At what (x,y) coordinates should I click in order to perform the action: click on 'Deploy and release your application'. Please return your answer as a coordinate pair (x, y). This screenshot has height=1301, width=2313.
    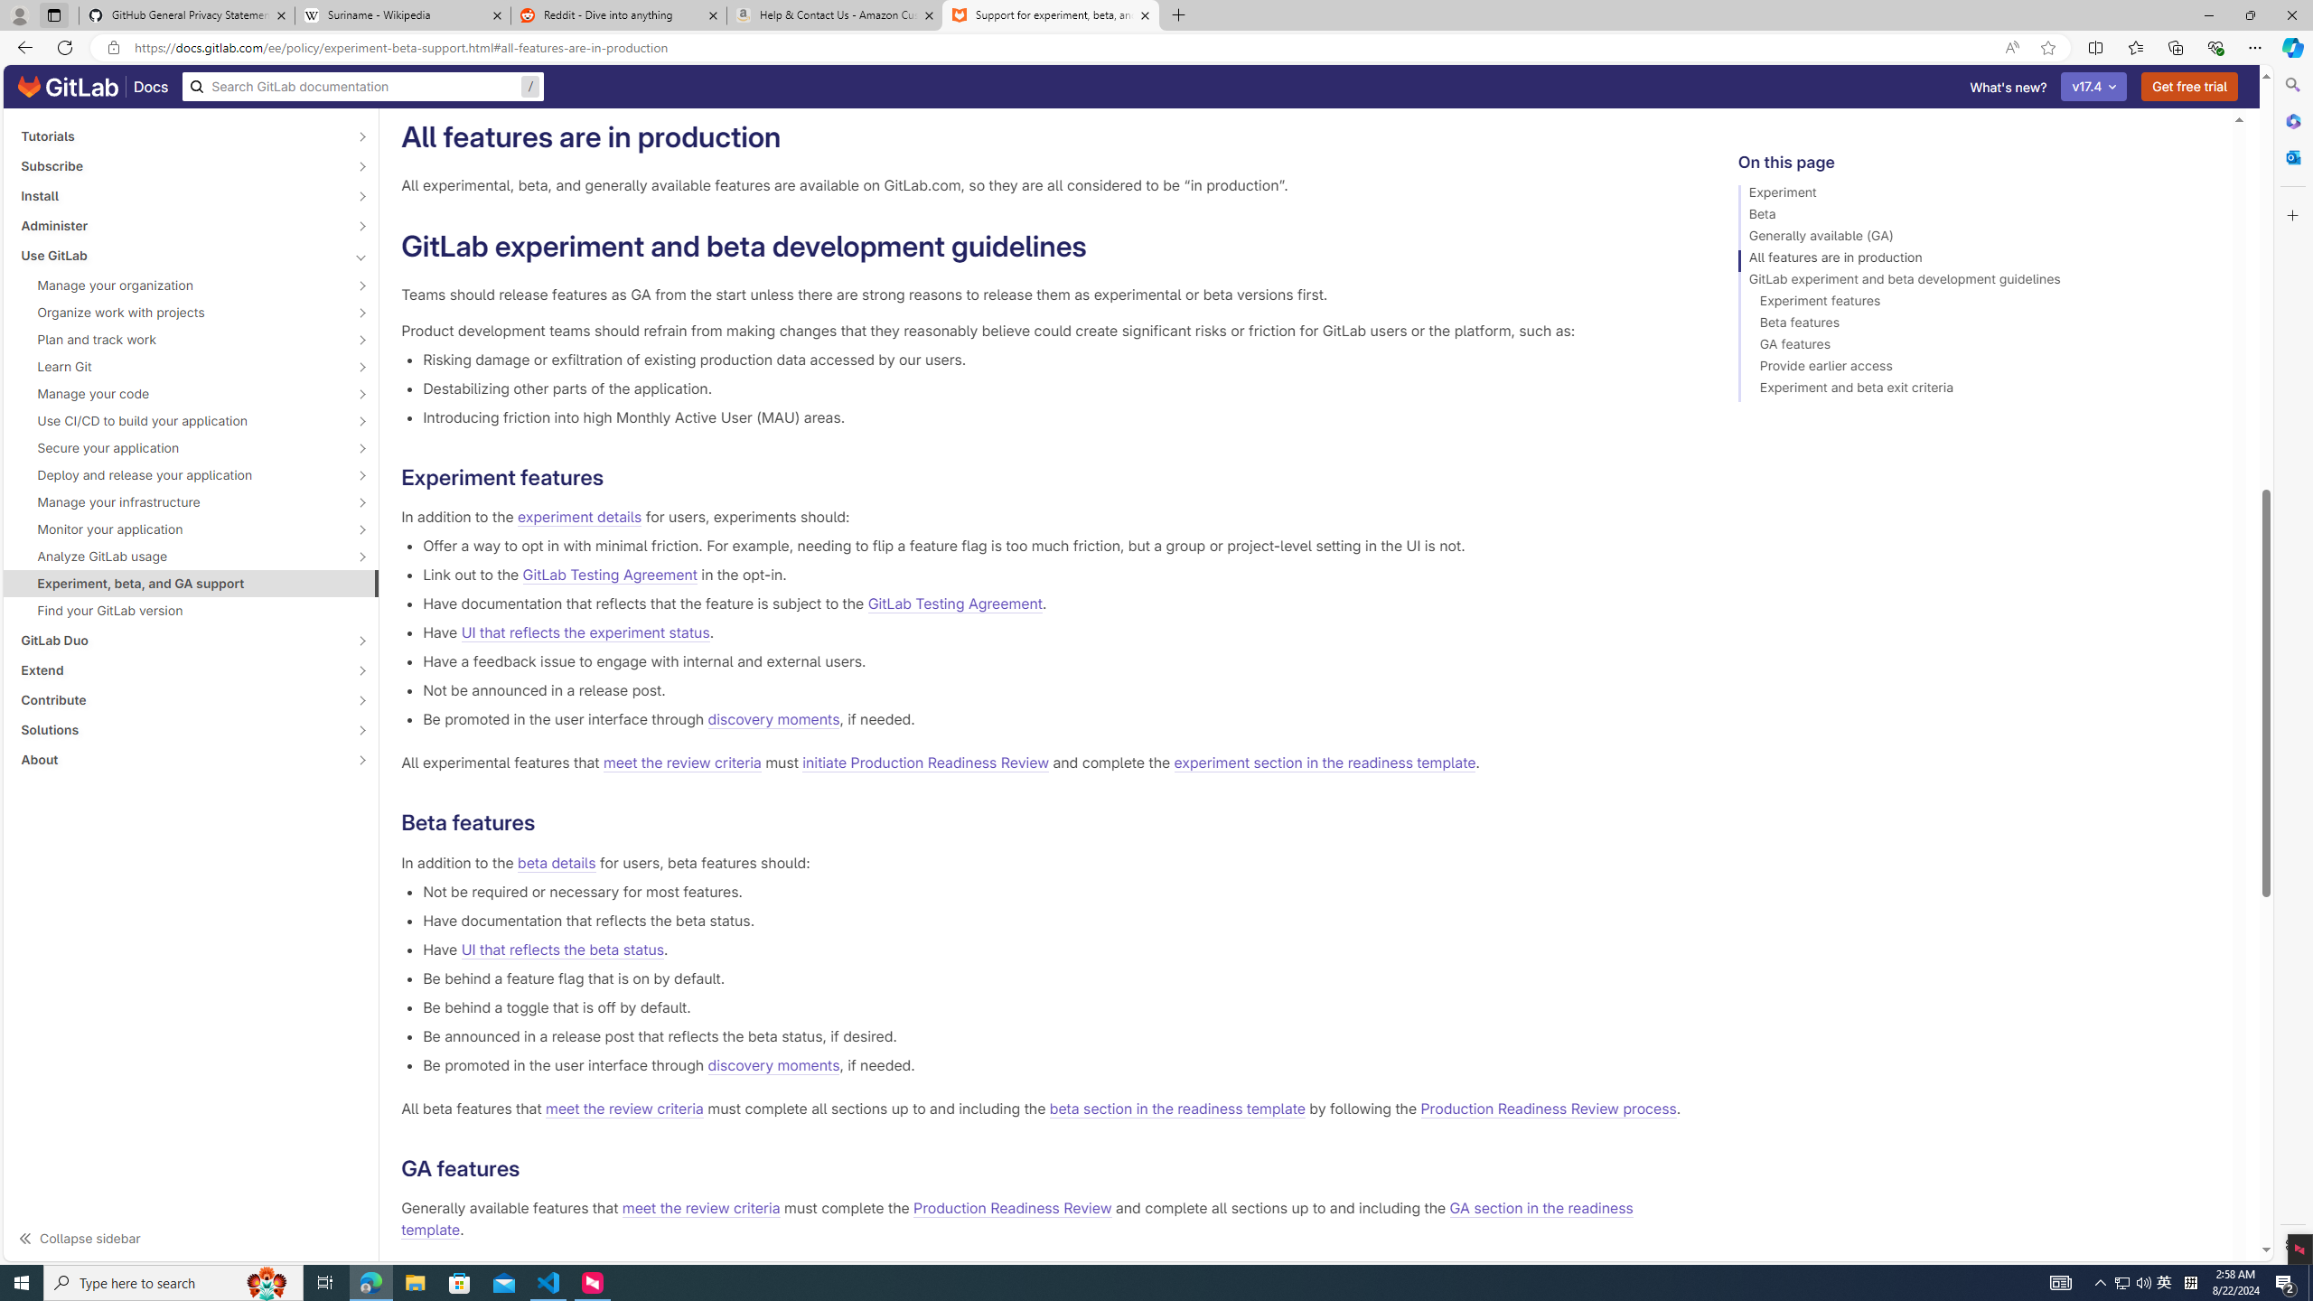
    Looking at the image, I should click on (180, 474).